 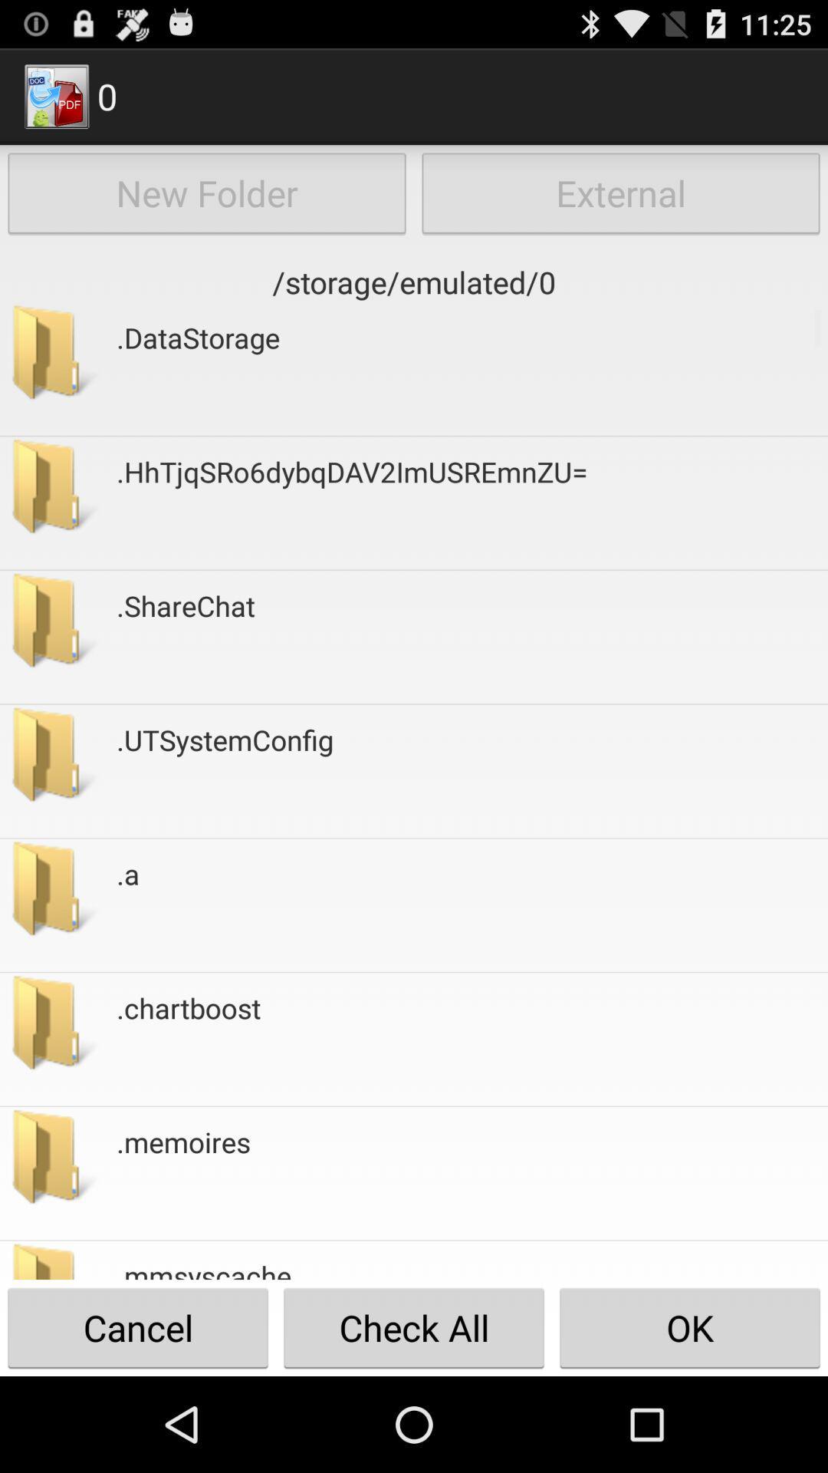 I want to click on the check all button, so click(x=414, y=1327).